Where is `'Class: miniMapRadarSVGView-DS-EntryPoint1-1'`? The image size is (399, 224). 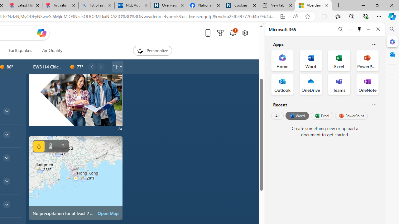
'Class: miniMapRadarSVGView-DS-EntryPoint1-1' is located at coordinates (75, 178).